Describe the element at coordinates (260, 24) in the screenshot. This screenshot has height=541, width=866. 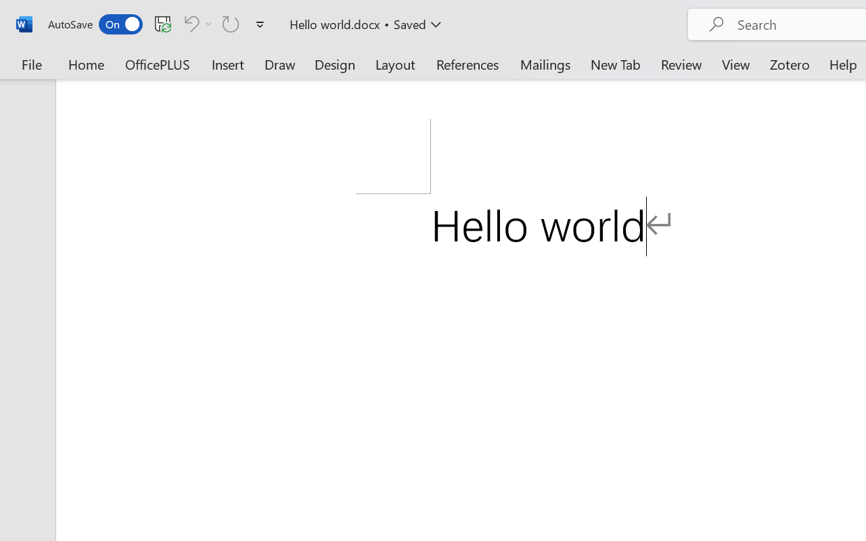
I see `'Customize Quick Access Toolbar'` at that location.